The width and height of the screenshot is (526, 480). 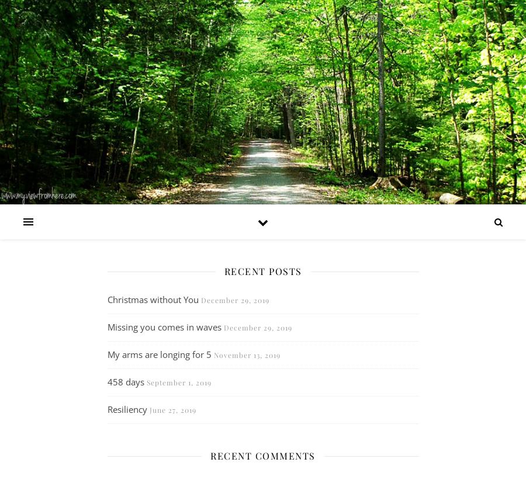 What do you see at coordinates (247, 354) in the screenshot?
I see `'November 13, 2019'` at bounding box center [247, 354].